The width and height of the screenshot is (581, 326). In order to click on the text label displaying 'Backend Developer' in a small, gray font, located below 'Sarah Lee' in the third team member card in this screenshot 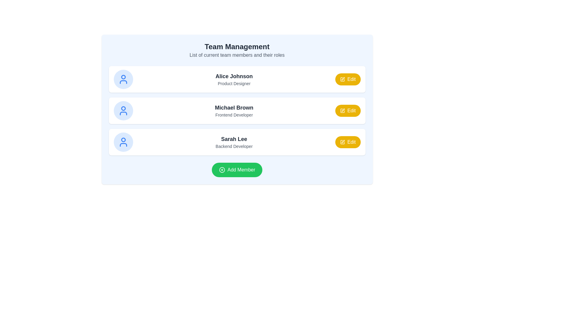, I will do `click(234, 146)`.